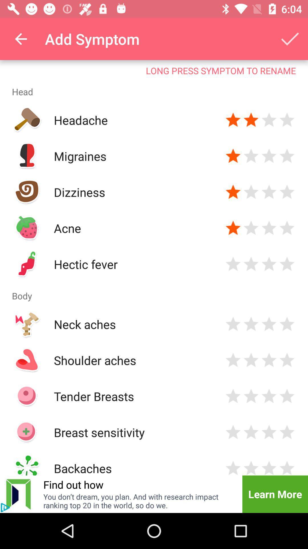 Image resolution: width=308 pixels, height=549 pixels. What do you see at coordinates (233, 228) in the screenshot?
I see `star rate symptom` at bounding box center [233, 228].